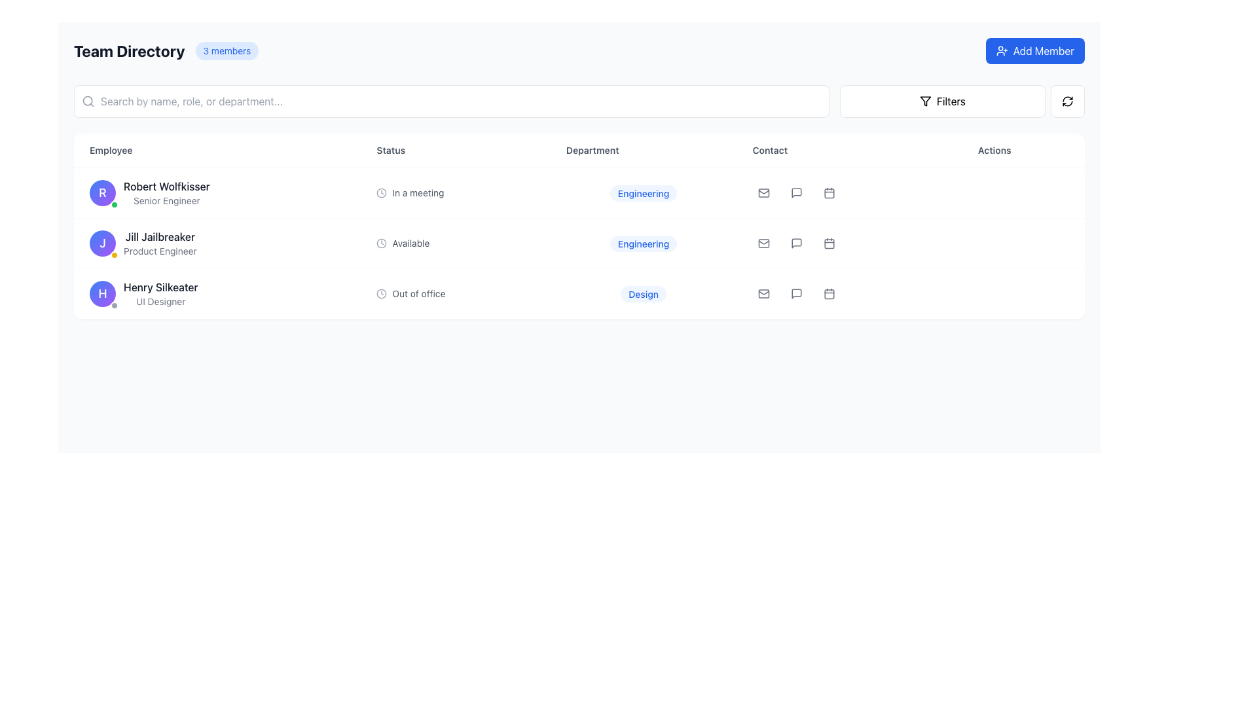  Describe the element at coordinates (763, 192) in the screenshot. I see `the rounded rectangular button with an envelope icon in the 'Contact' column of the second row to initiate an email` at that location.